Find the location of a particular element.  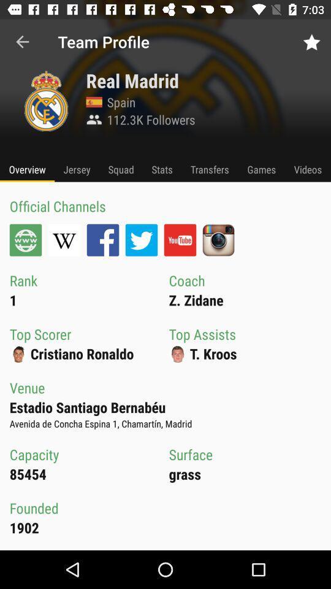

on facebook is located at coordinates (102, 239).